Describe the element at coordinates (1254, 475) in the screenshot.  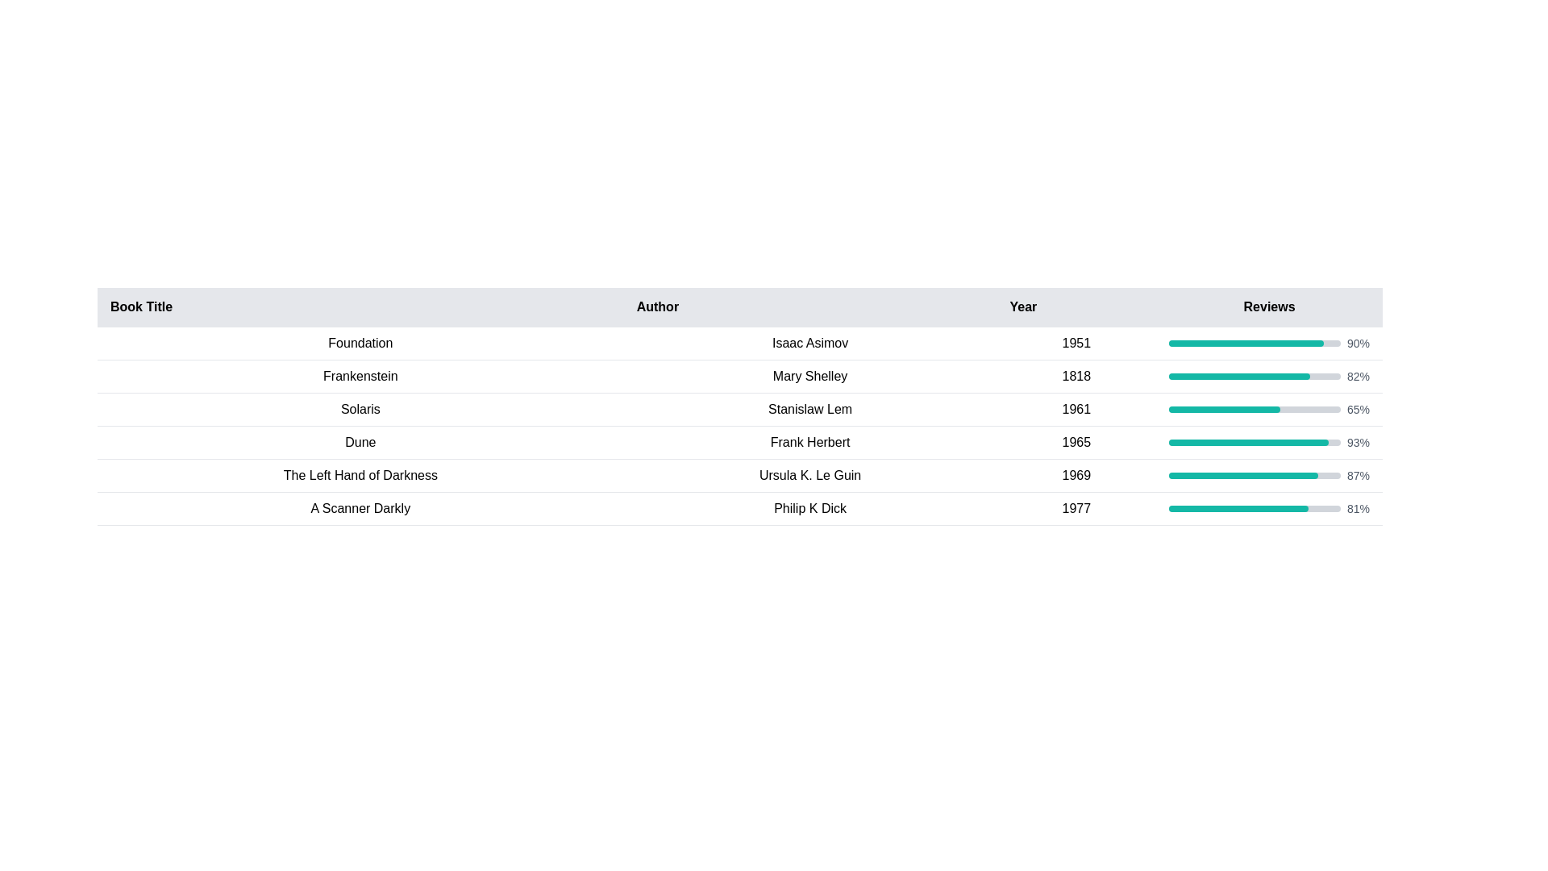
I see `the progress bar indicating 87% completion, which is the middle component of three horizontally grouped elements` at that location.